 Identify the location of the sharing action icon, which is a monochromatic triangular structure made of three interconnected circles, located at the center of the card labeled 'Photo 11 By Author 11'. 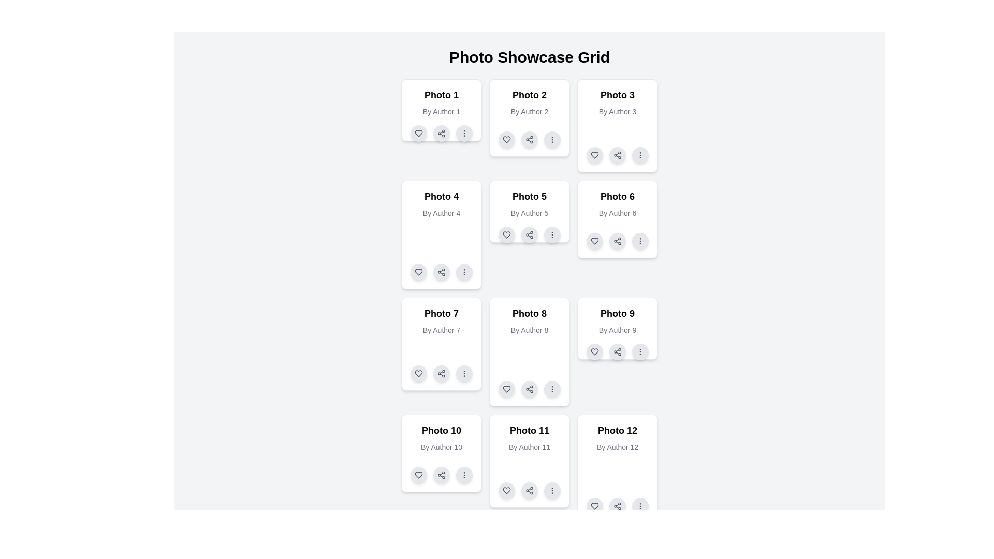
(529, 490).